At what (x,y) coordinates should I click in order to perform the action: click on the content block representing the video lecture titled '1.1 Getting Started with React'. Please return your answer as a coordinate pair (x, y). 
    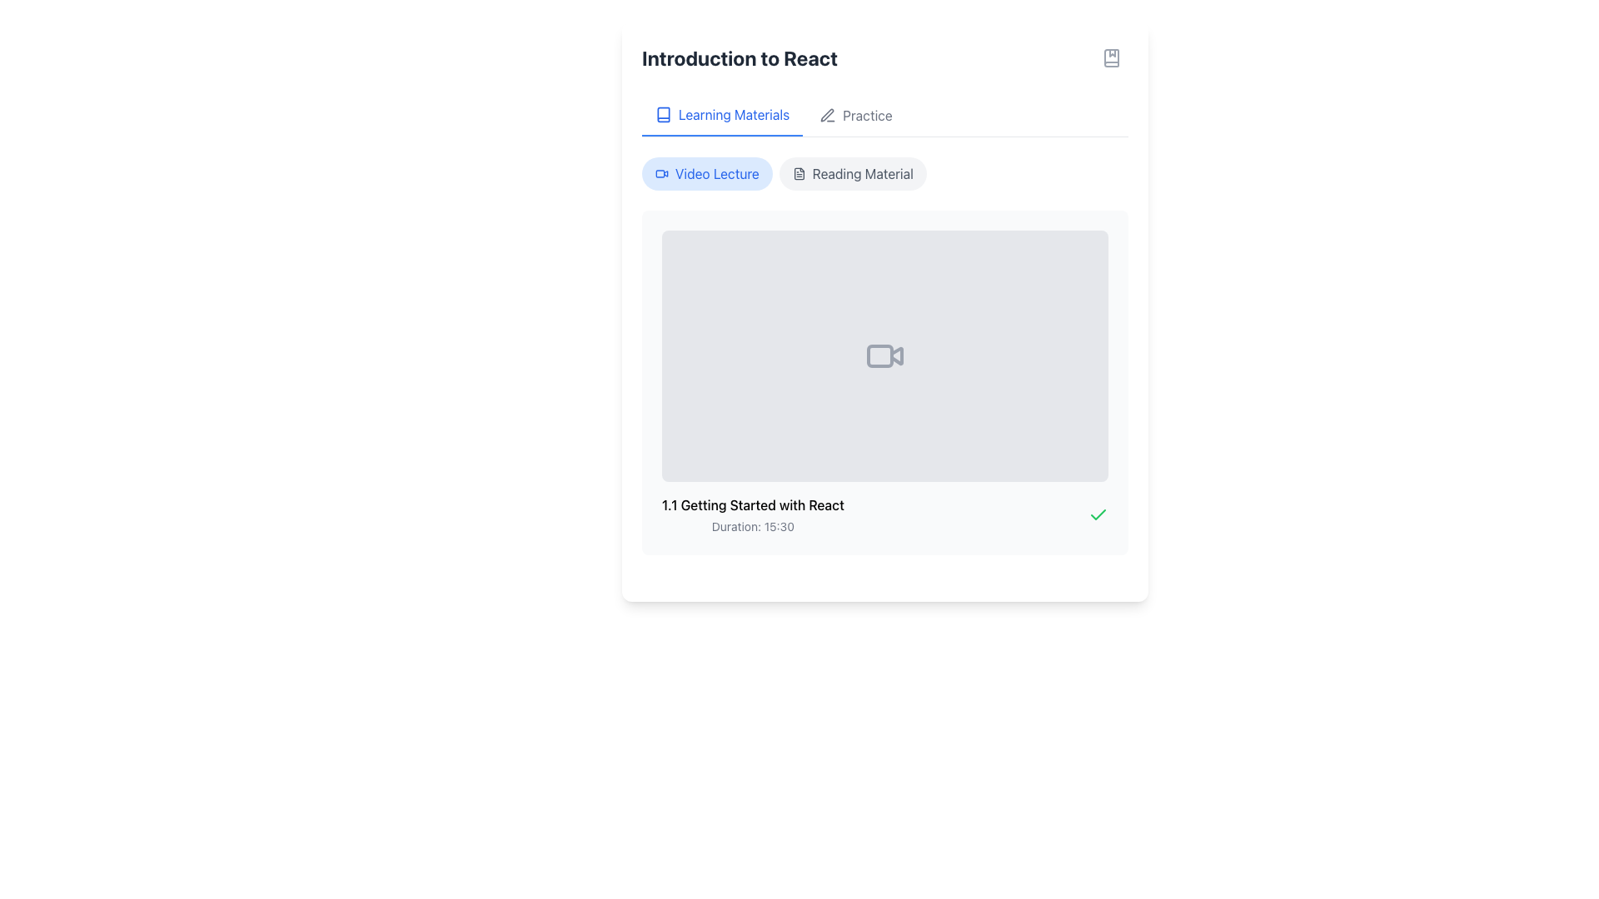
    Looking at the image, I should click on (884, 382).